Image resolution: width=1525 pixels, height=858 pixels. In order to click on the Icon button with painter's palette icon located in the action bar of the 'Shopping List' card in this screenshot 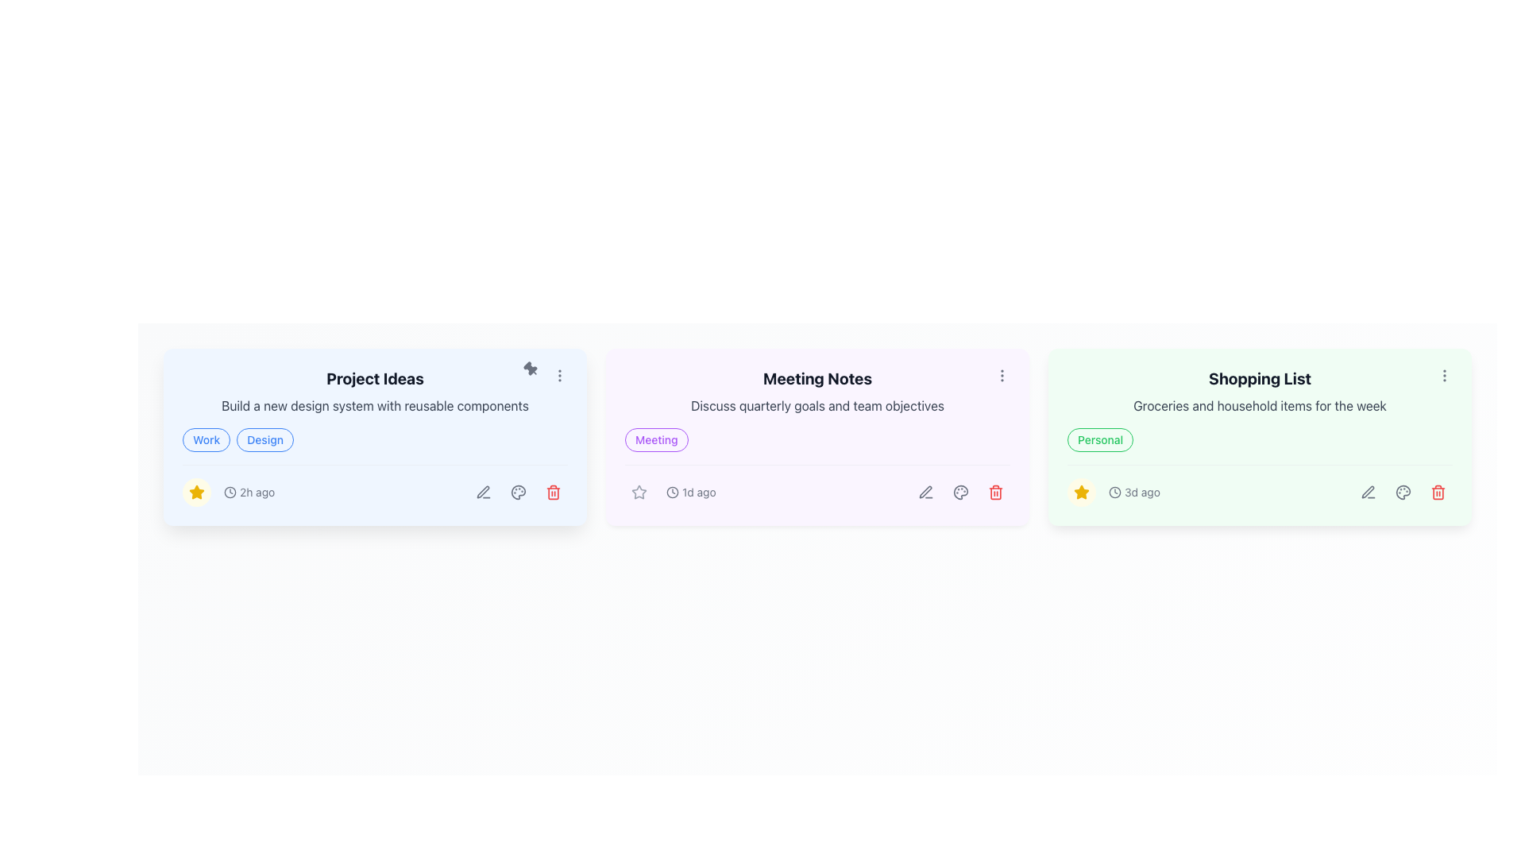, I will do `click(1403, 492)`.